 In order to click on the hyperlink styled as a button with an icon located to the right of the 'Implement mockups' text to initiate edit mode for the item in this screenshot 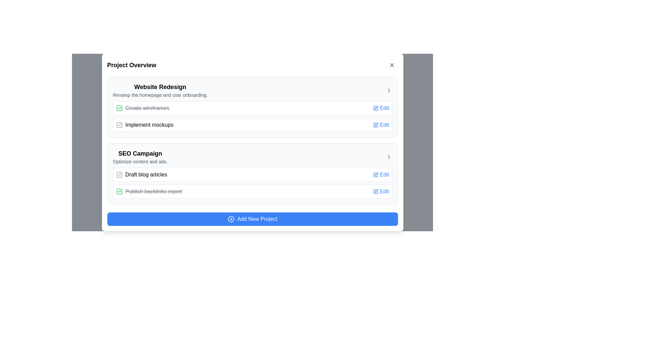, I will do `click(381, 125)`.